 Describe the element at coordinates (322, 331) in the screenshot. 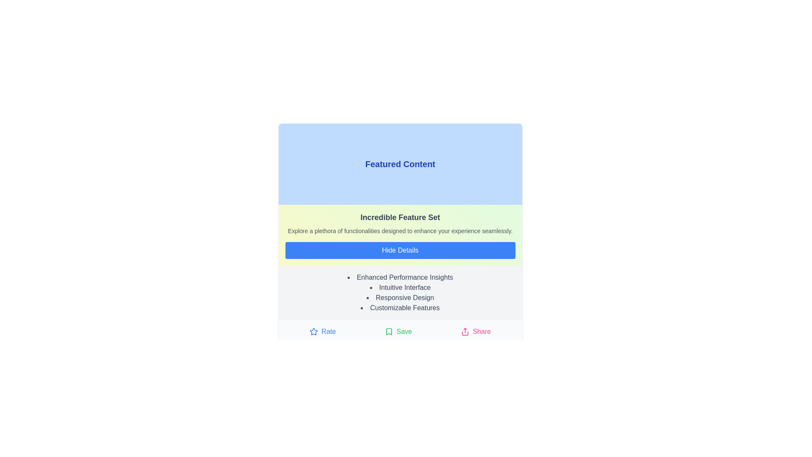

I see `the 'Rate' button, which consists of a star icon followed by the text 'Rate', styled in blue with hover effects, located as the first element in a horizontal group of options` at that location.